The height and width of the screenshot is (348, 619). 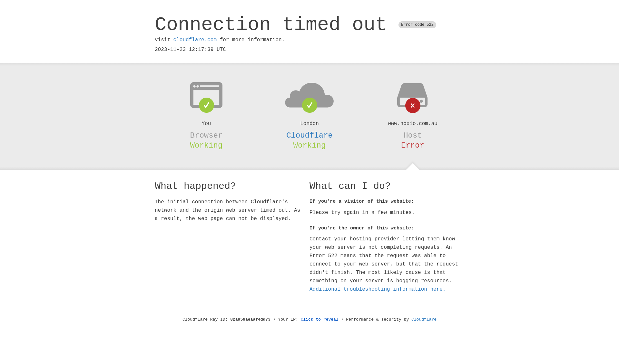 What do you see at coordinates (309, 135) in the screenshot?
I see `'Cloudflare'` at bounding box center [309, 135].